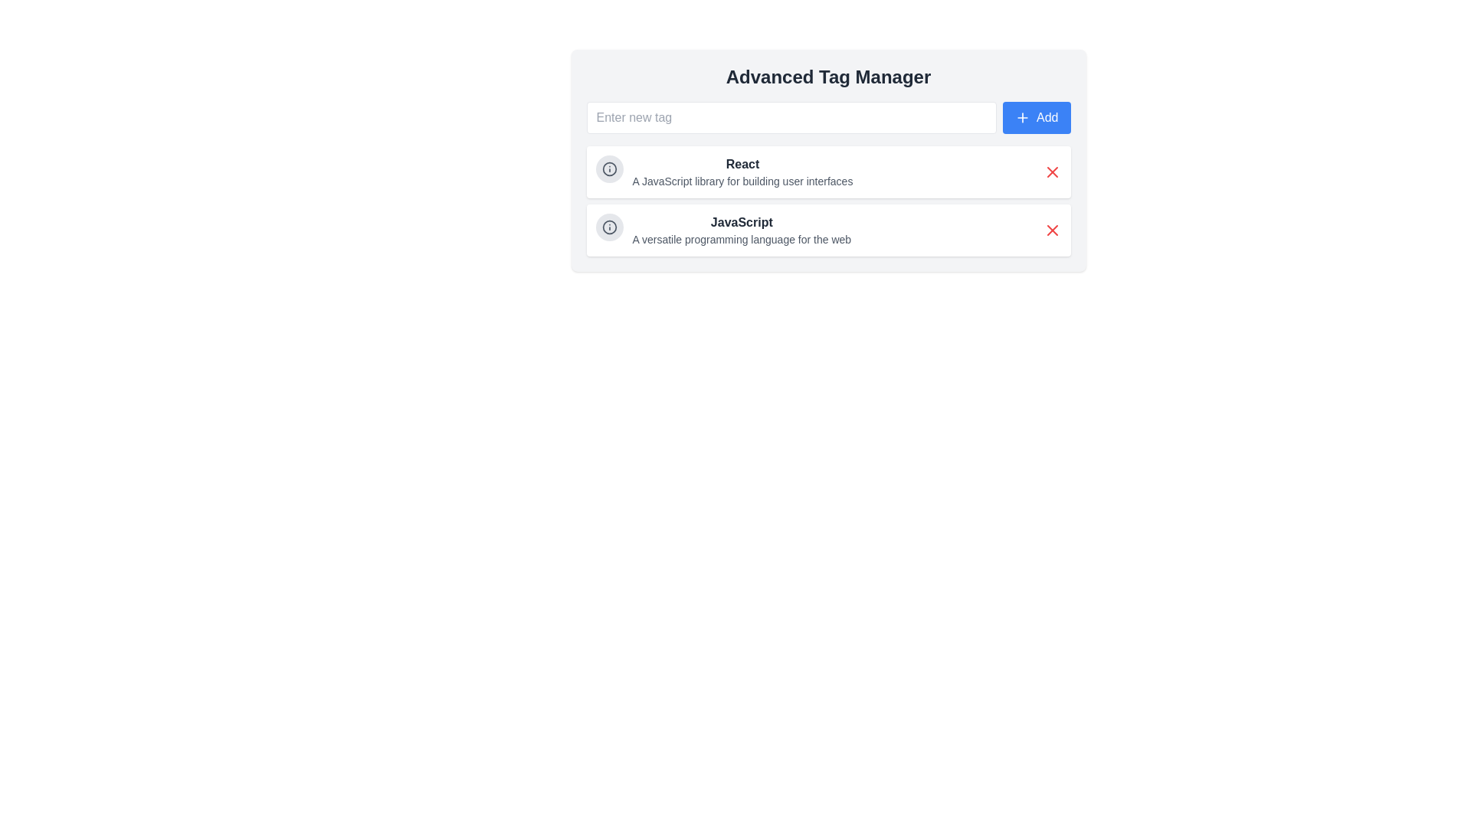  Describe the element at coordinates (827, 77) in the screenshot. I see `text of the bolded heading labeled 'Advanced Tag Manager', which is prominently displayed at the top center of the card layout` at that location.